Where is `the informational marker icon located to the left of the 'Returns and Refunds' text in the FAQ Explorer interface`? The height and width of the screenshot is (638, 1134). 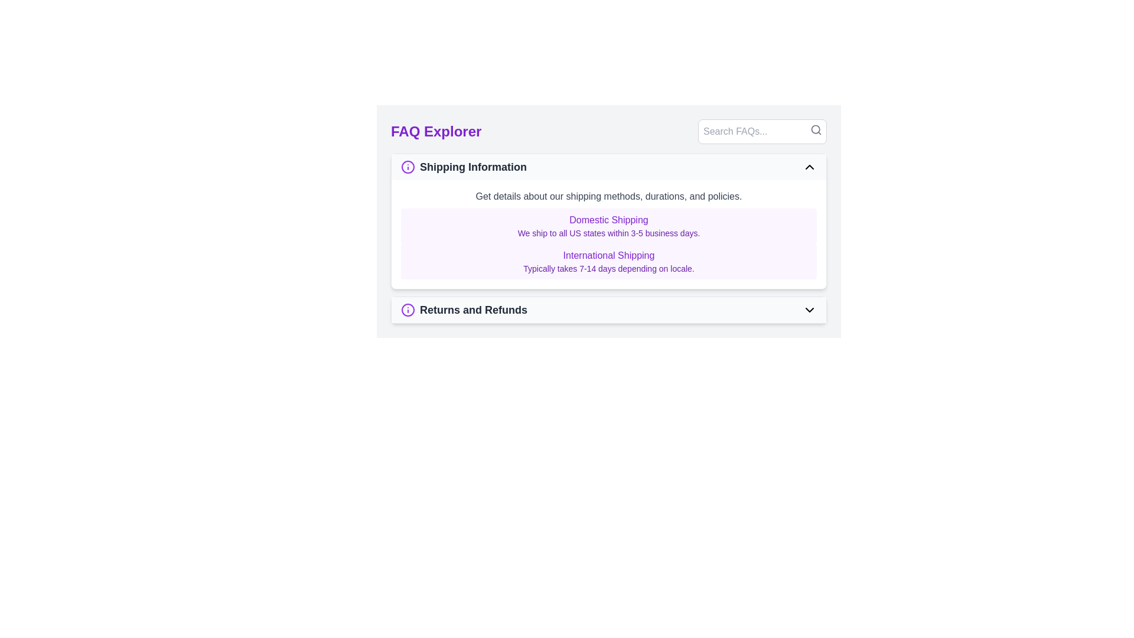
the informational marker icon located to the left of the 'Returns and Refunds' text in the FAQ Explorer interface is located at coordinates (408, 309).